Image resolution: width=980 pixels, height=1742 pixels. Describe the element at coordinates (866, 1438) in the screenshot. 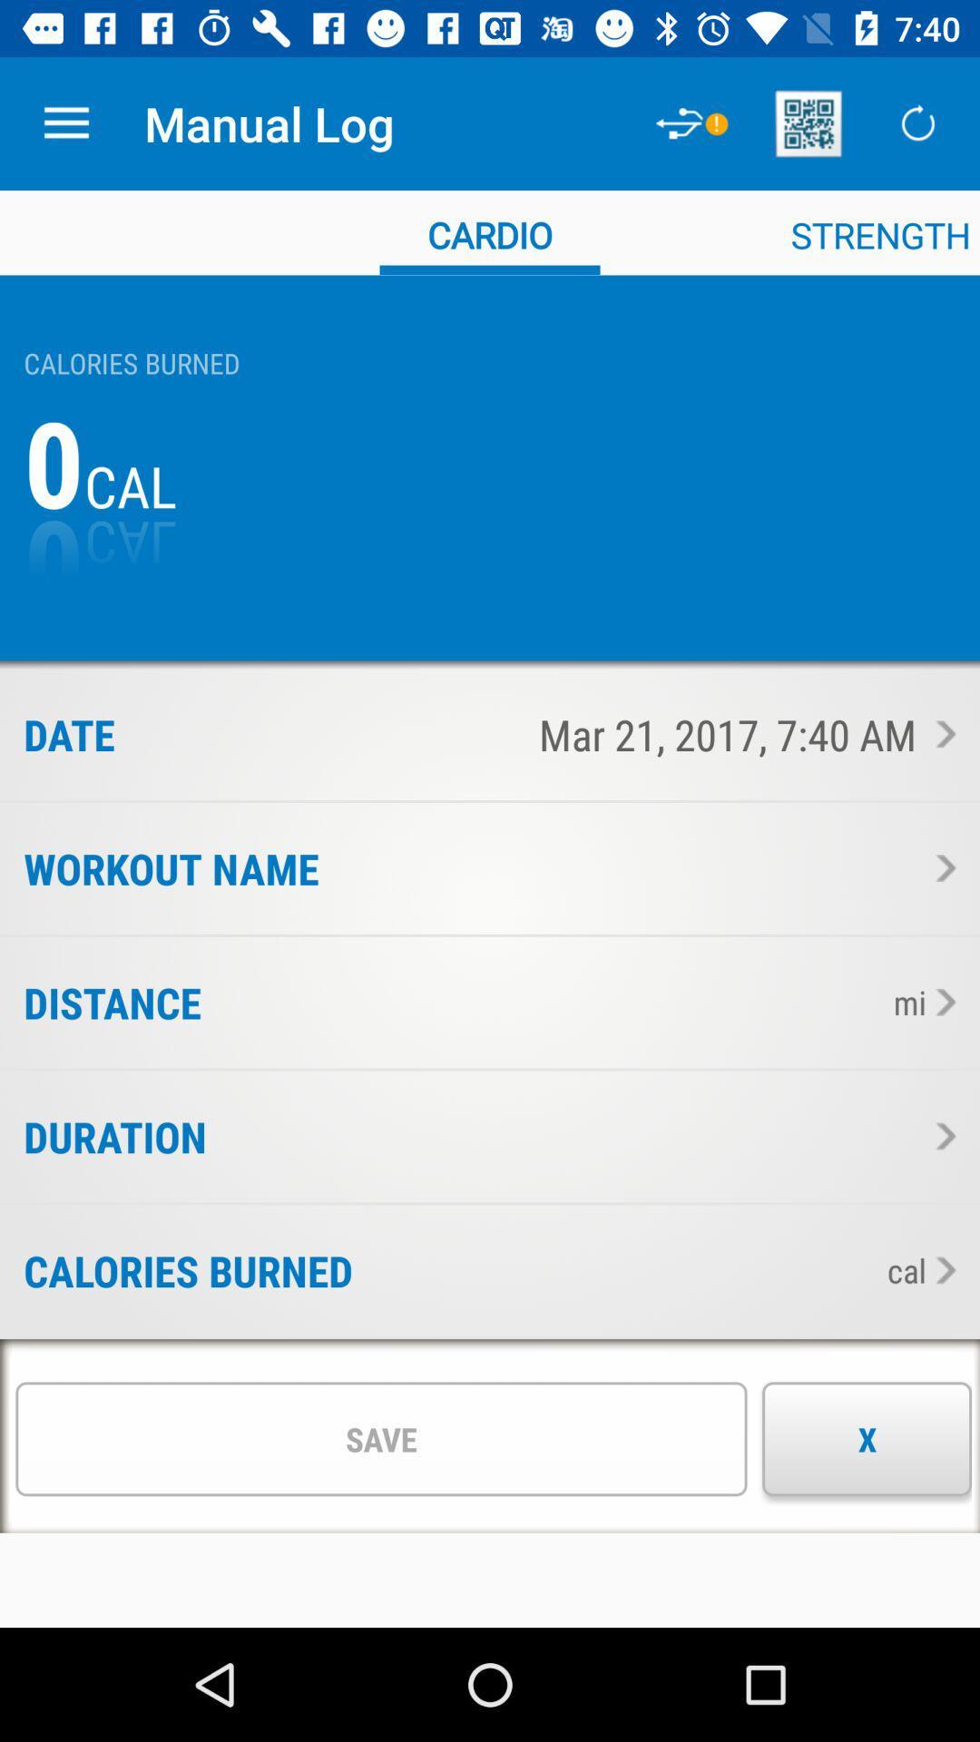

I see `icon next to the save item` at that location.